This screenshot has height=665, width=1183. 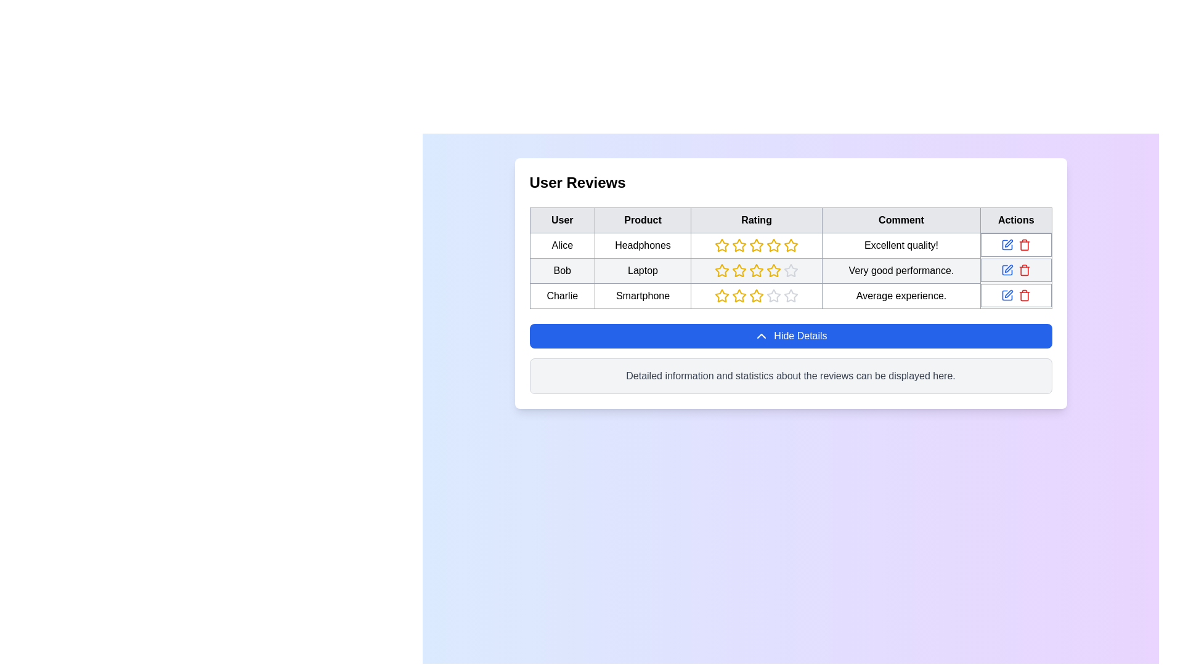 What do you see at coordinates (791, 296) in the screenshot?
I see `the rating status by interacting with the fifth rating star icon in the review table, located in the third row` at bounding box center [791, 296].